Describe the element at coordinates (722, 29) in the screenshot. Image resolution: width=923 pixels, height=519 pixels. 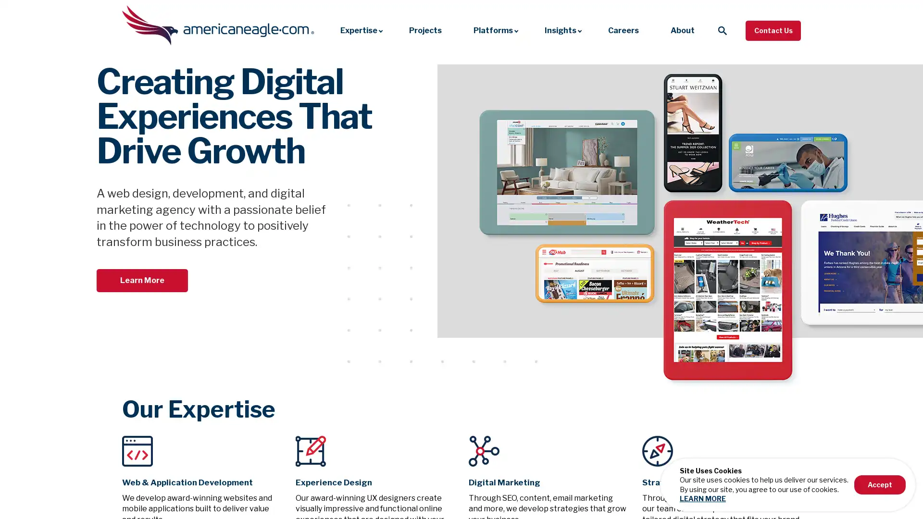
I see `Toggle Search` at that location.